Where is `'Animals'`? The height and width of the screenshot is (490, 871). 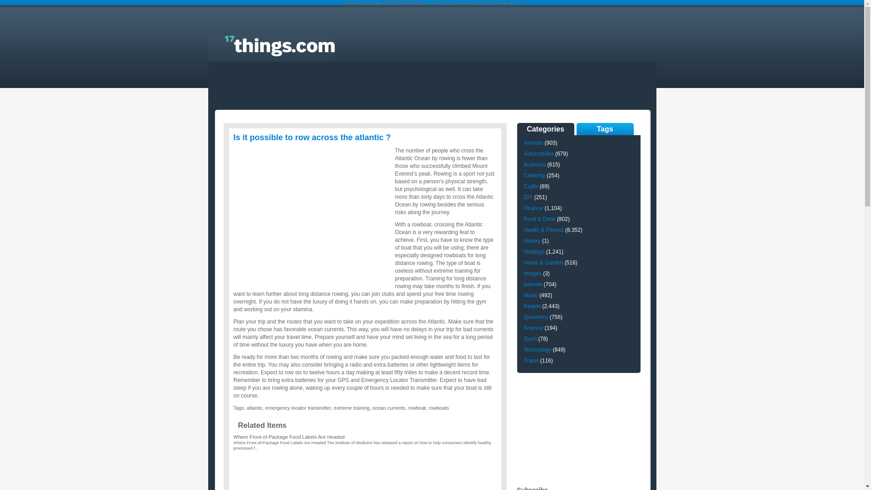 'Animals' is located at coordinates (533, 143).